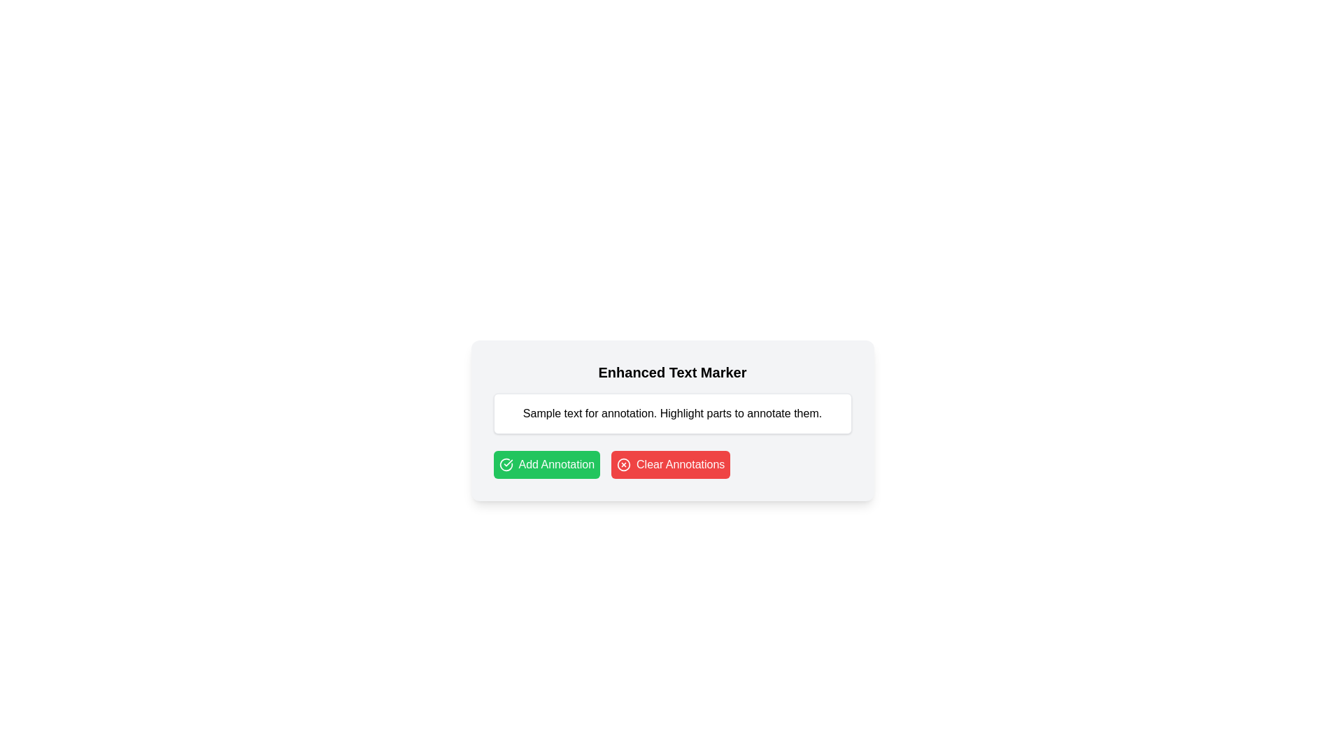 Image resolution: width=1343 pixels, height=755 pixels. I want to click on the character 's' in the word 'parts' within the sentence 'Sample text for annotation. Highlight parts to annotate them.', so click(727, 412).